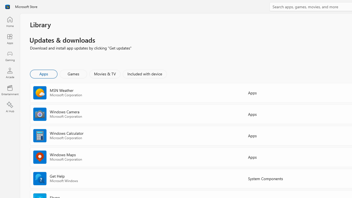  What do you see at coordinates (73, 73) in the screenshot?
I see `'Games'` at bounding box center [73, 73].